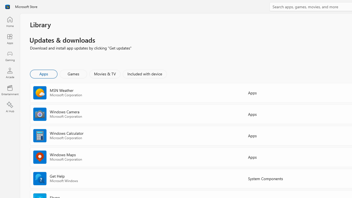  What do you see at coordinates (73, 73) in the screenshot?
I see `'Games'` at bounding box center [73, 73].